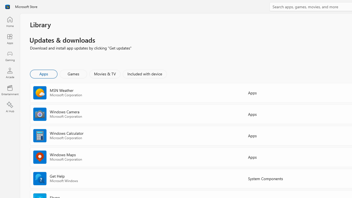  What do you see at coordinates (73, 73) in the screenshot?
I see `'Games'` at bounding box center [73, 73].